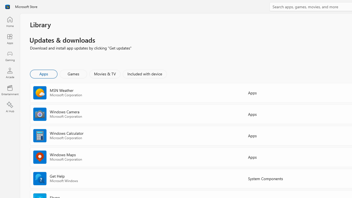  What do you see at coordinates (73, 73) in the screenshot?
I see `'Games'` at bounding box center [73, 73].